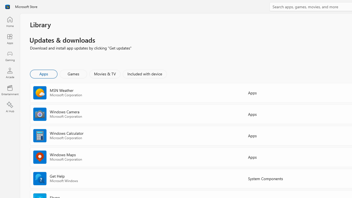  What do you see at coordinates (73, 73) in the screenshot?
I see `'Games'` at bounding box center [73, 73].